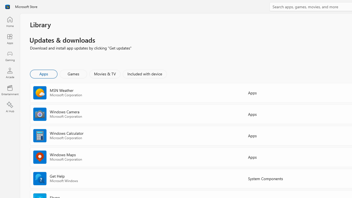  What do you see at coordinates (73, 73) in the screenshot?
I see `'Games'` at bounding box center [73, 73].